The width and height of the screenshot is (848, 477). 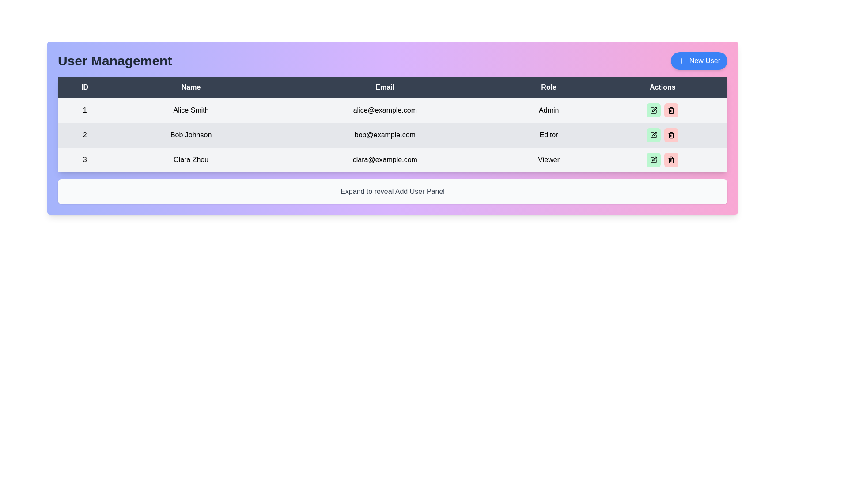 What do you see at coordinates (85, 87) in the screenshot?
I see `the 'ID' header label in the user management table, which is the first header cell styled with a bold font and located at the top-left corner` at bounding box center [85, 87].